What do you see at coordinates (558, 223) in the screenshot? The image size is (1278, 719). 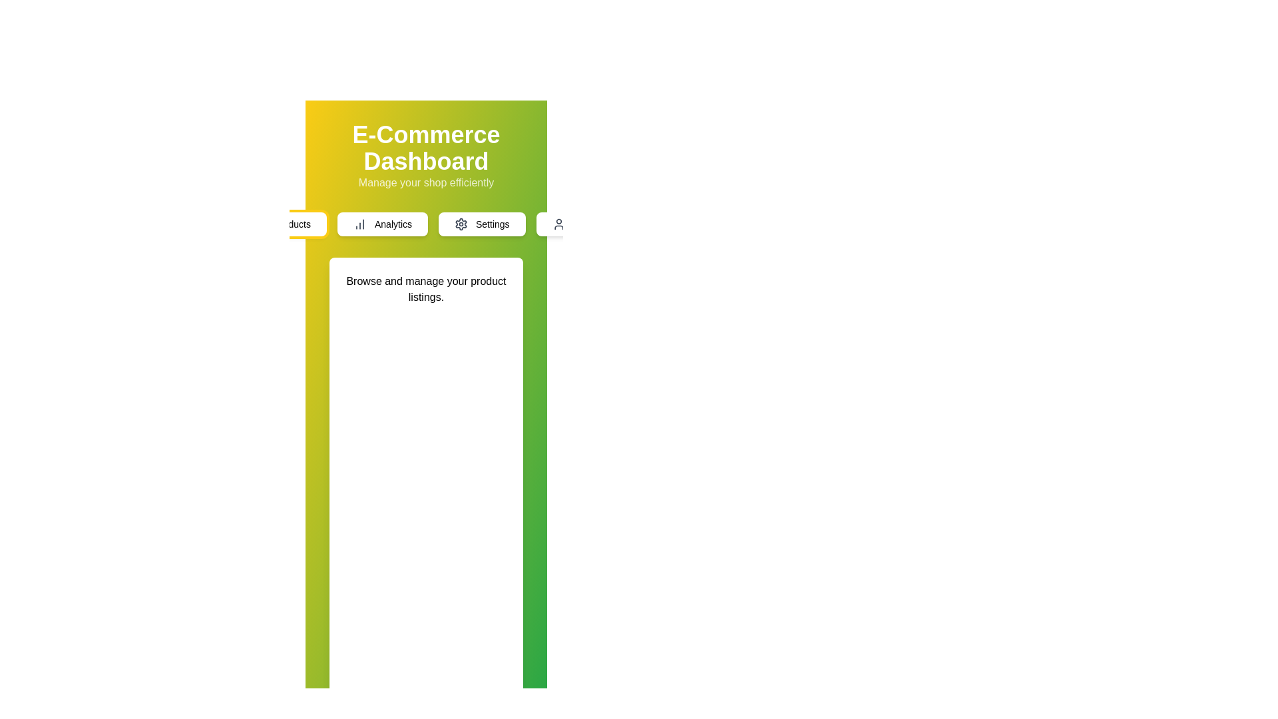 I see `the user profile indicator icon located on the left side of the 'Profile' button in the top-right section of the user interface` at bounding box center [558, 223].